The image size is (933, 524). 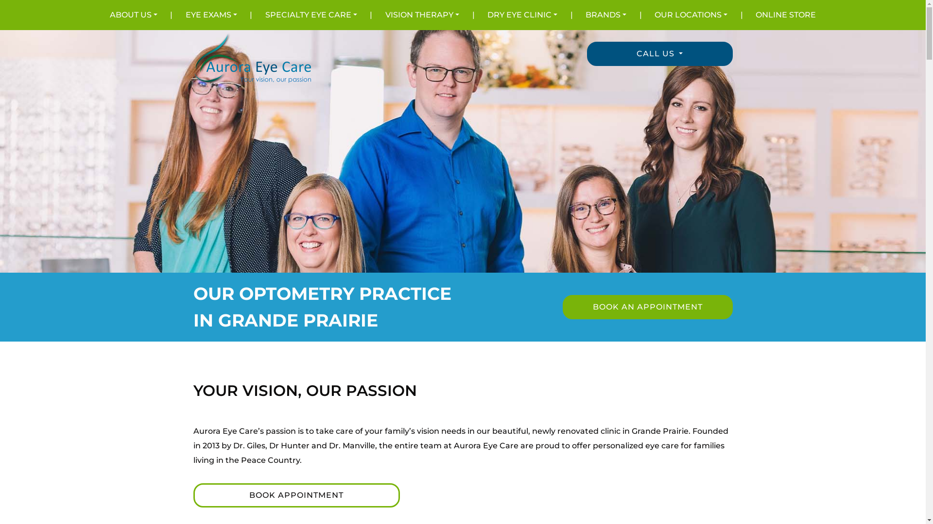 I want to click on 'BRANDS', so click(x=605, y=15).